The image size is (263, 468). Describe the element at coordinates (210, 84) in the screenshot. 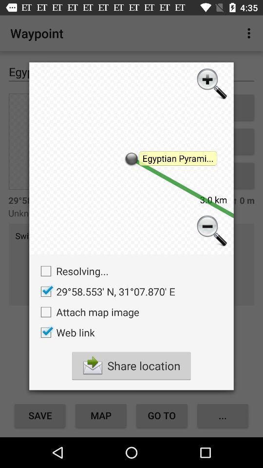

I see `zoom in` at that location.